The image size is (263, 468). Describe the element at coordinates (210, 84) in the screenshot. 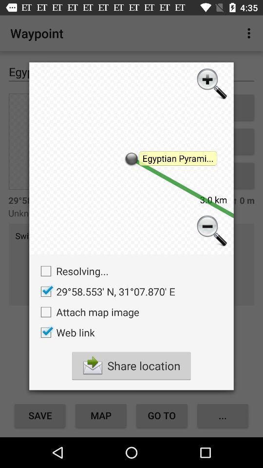

I see `zoom in` at that location.